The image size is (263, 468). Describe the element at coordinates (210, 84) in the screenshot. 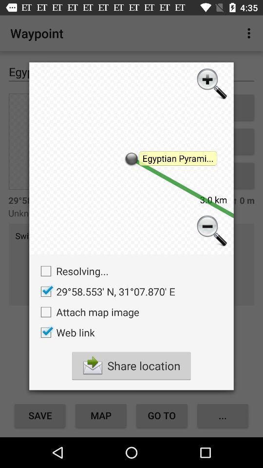

I see `zoom in` at that location.